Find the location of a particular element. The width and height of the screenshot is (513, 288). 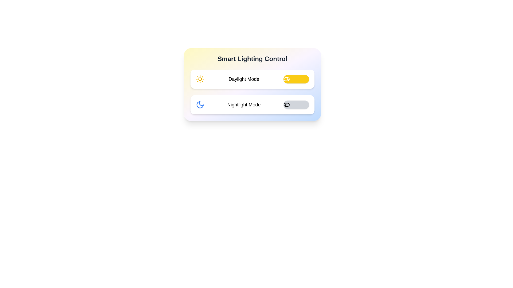

the 'Daylight Mode' text label located within the upper section of the 'Smart Lighting Control' card, positioned between a sun icon and a toggle switch is located at coordinates (243, 79).